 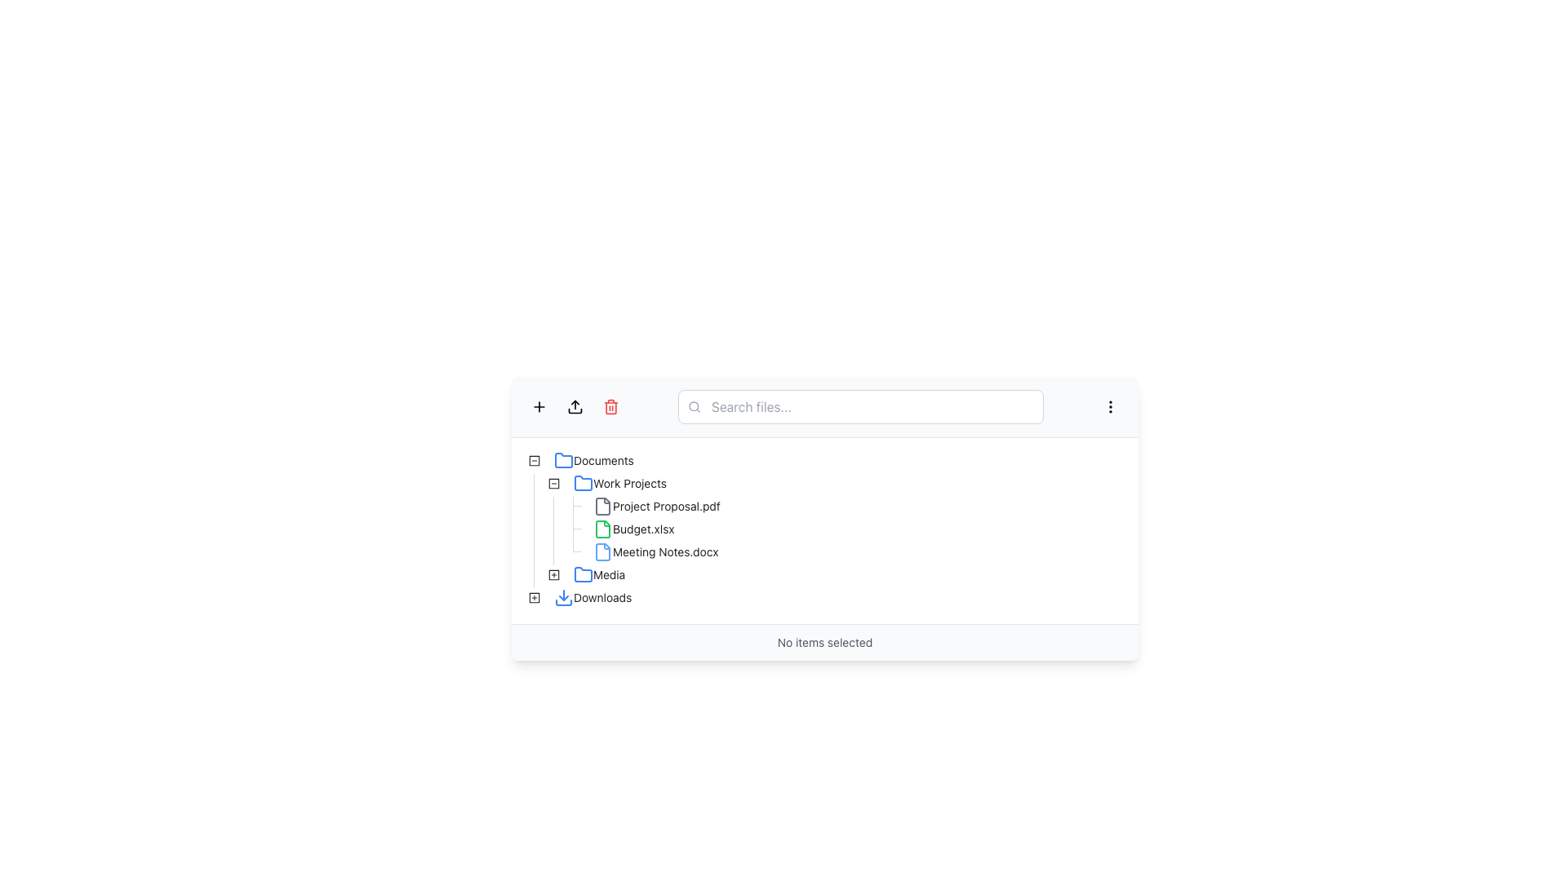 I want to click on the upload button represented by an upward-pointing arrow icon, which is the second button in a row of three action buttons at the top-left section of the interface, so click(x=575, y=405).